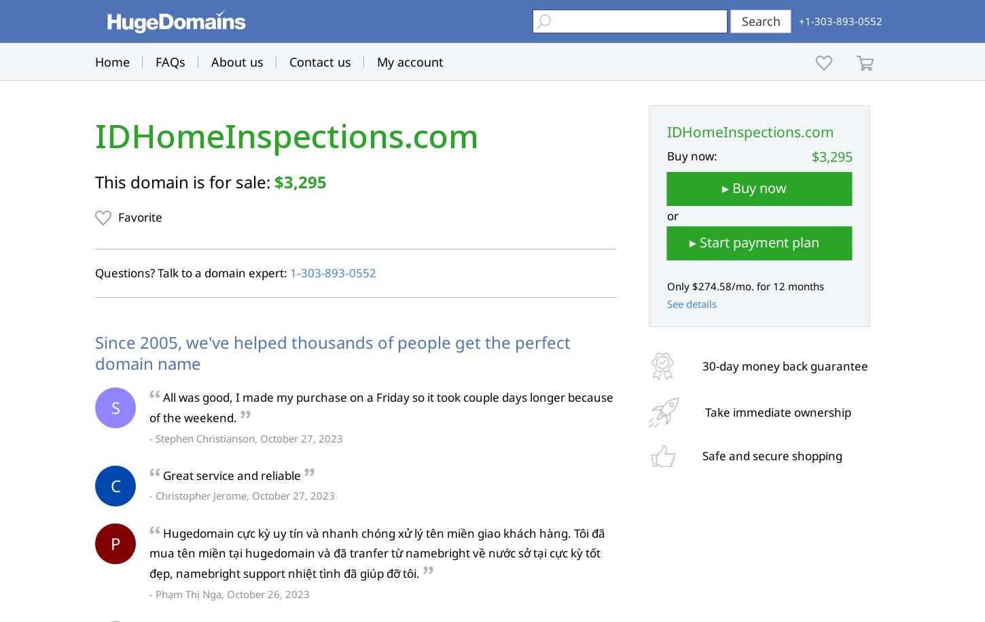  I want to click on 'Hugedomain cực kỳ uy tín và nhanh chóng xử lý tên miền giao khách hàng. Tôi đã mua tên miền tại hugedomain và đã tranfer từ namebright về nước sở tại cực kỳ tốt đẹp, namebright support nhiệt tình đã giúp đỡ tôi.', so click(377, 552).